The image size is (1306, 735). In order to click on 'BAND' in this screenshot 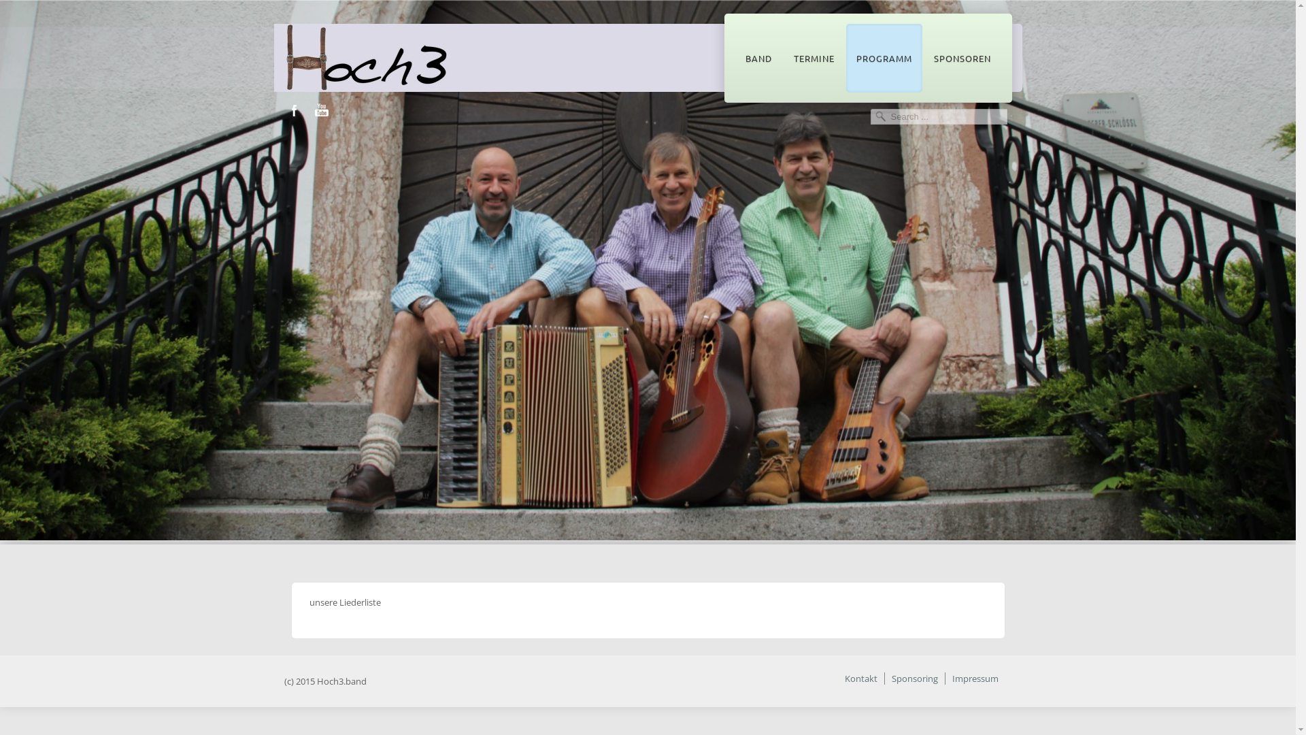, I will do `click(757, 57)`.